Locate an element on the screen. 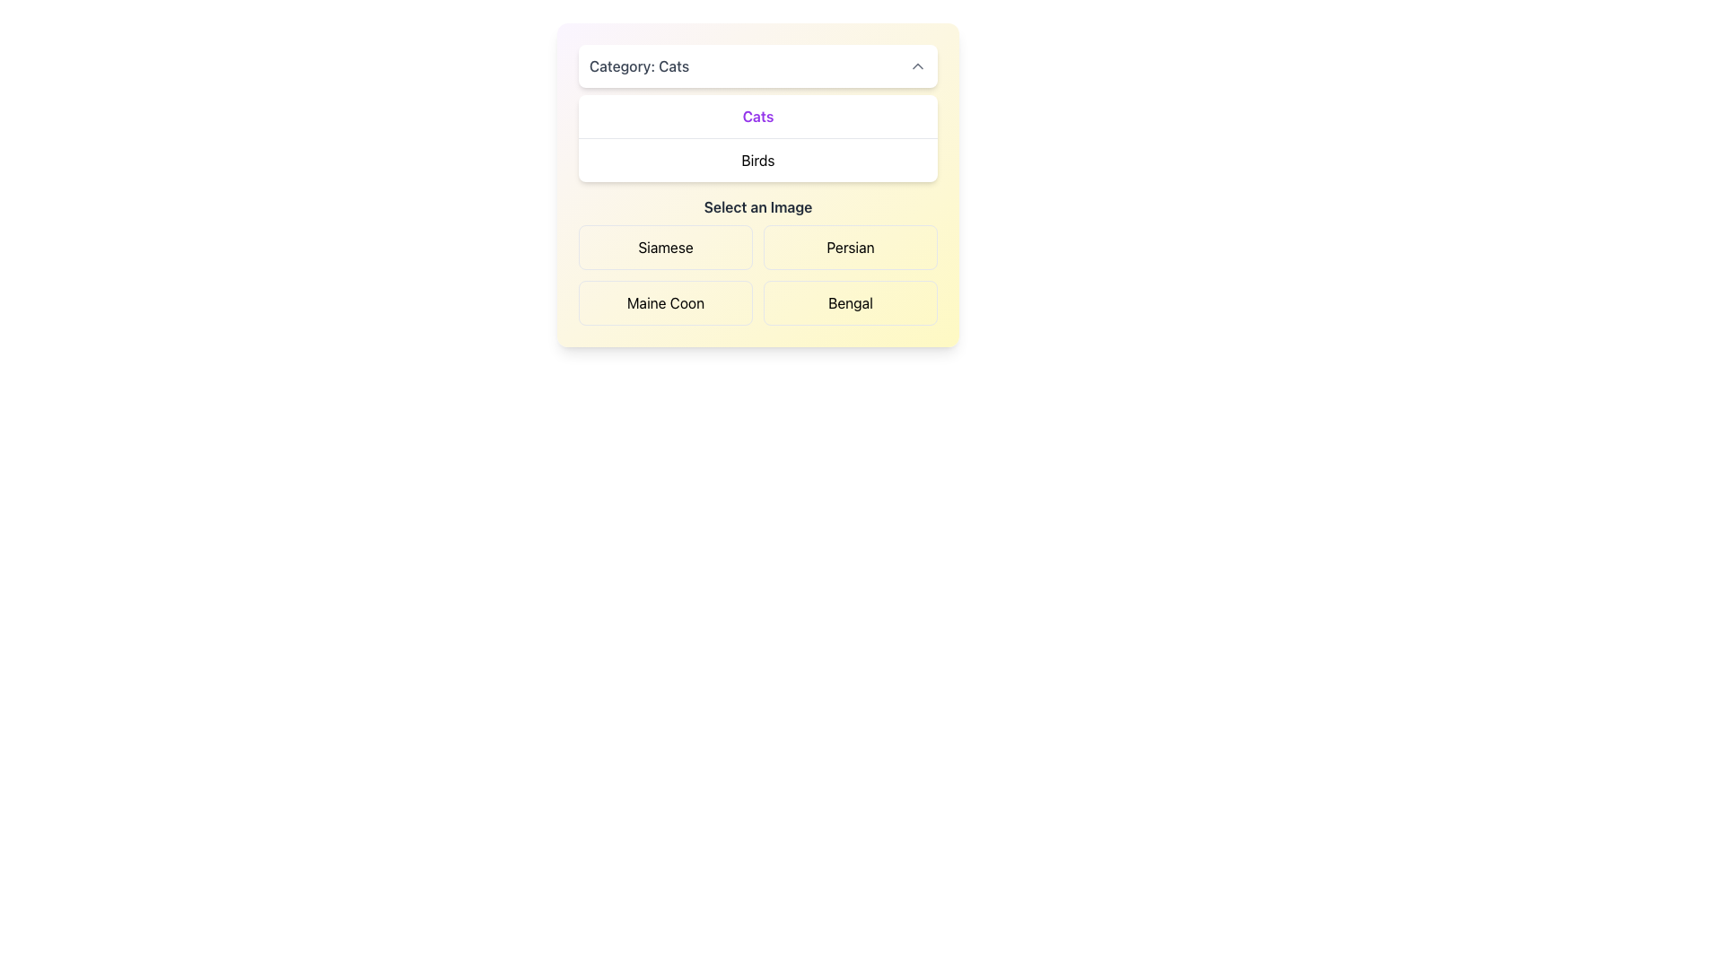 This screenshot has width=1723, height=969. the top-left selectable option labeled 'Siamese' in the grid under the heading 'Select an Image' is located at coordinates (665, 248).